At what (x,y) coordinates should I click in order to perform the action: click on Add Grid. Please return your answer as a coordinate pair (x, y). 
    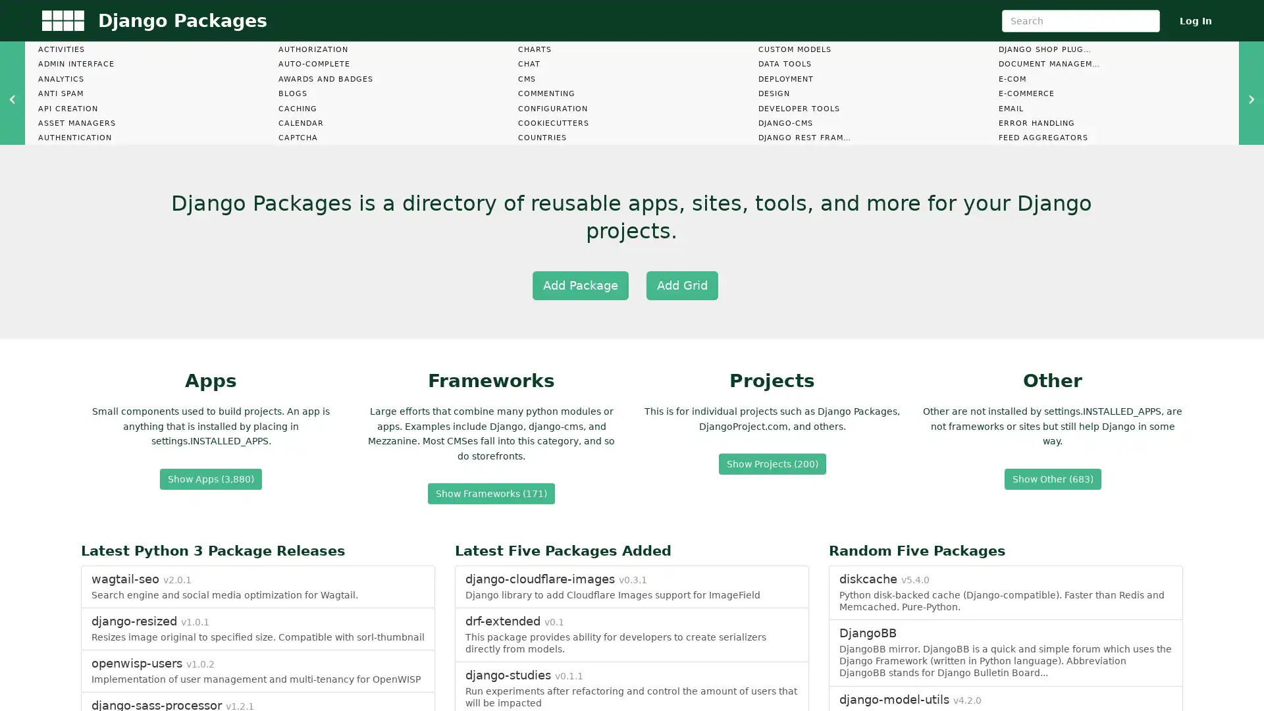
    Looking at the image, I should click on (681, 284).